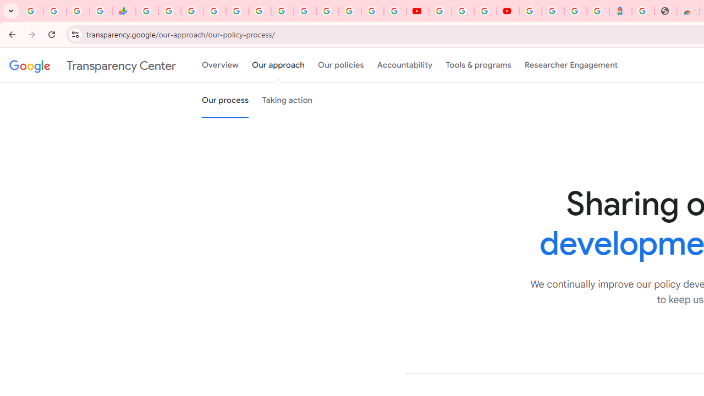 This screenshot has width=704, height=396. What do you see at coordinates (340, 65) in the screenshot?
I see `'Our policies'` at bounding box center [340, 65].